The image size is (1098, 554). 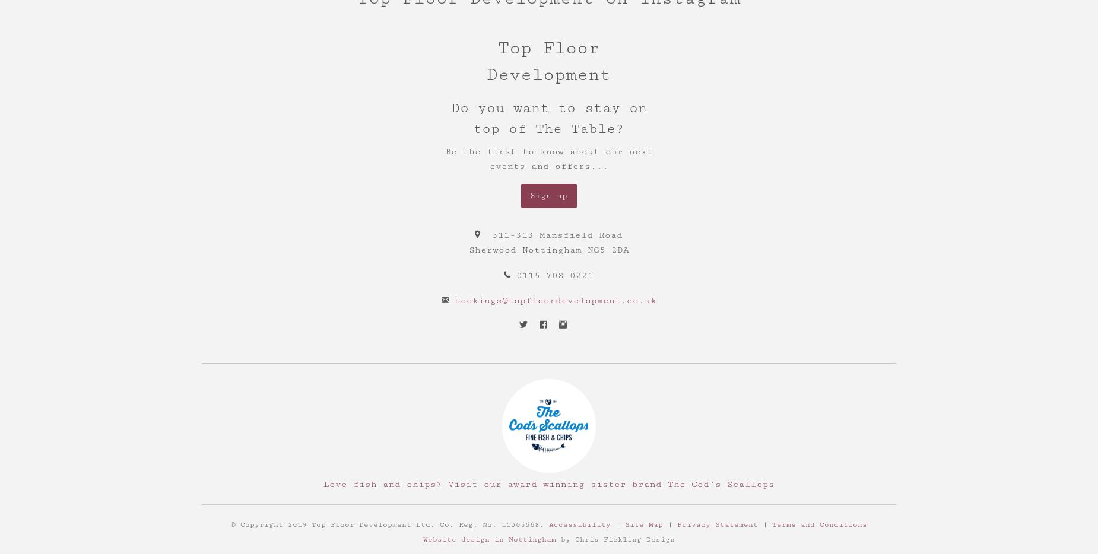 I want to click on 'Be the first to know about our next events and offers...', so click(x=548, y=158).